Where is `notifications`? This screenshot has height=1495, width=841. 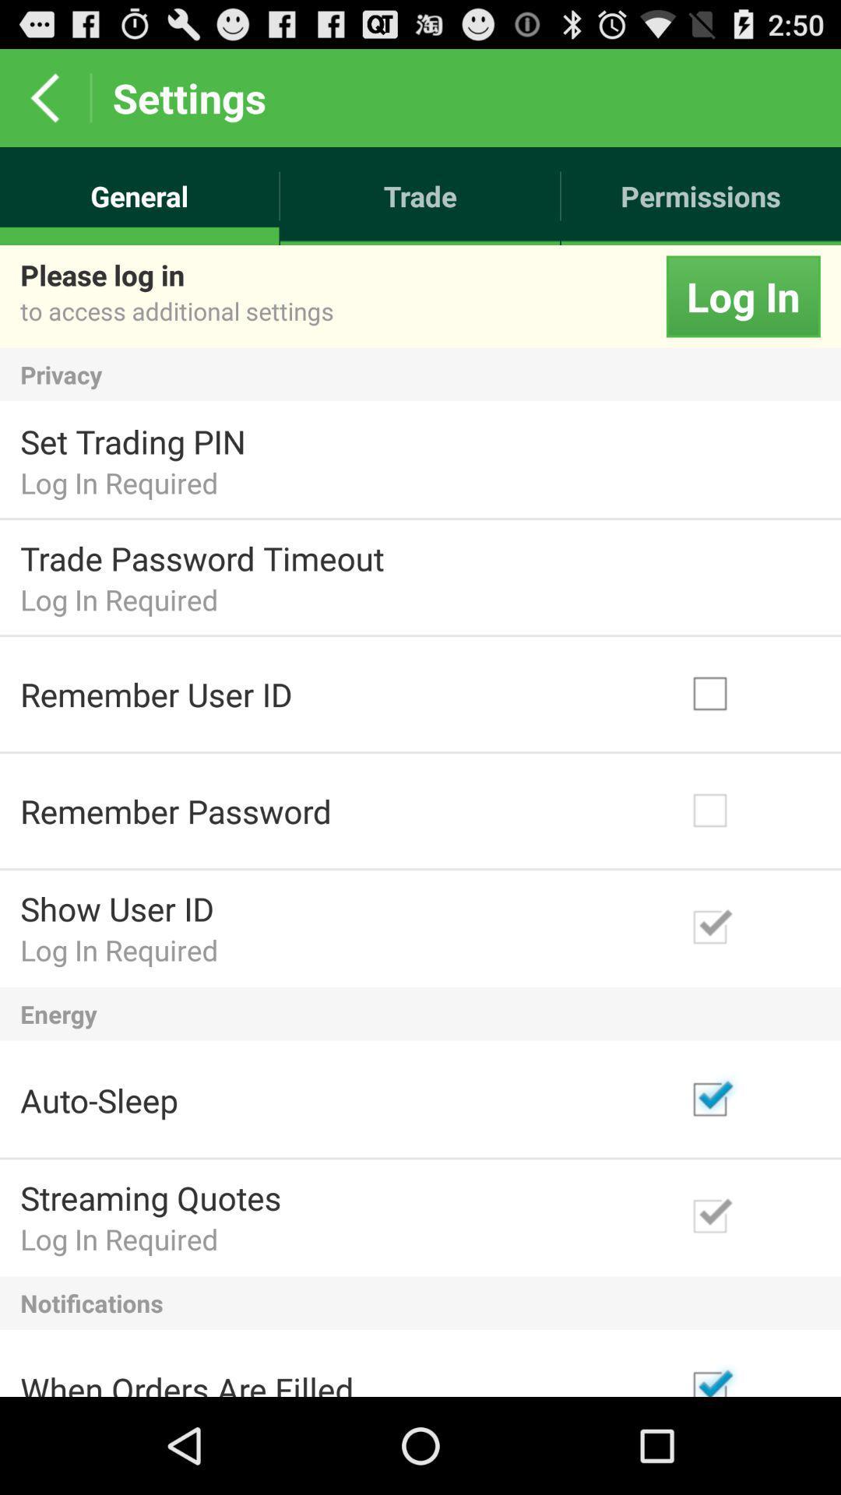
notifications is located at coordinates (420, 1303).